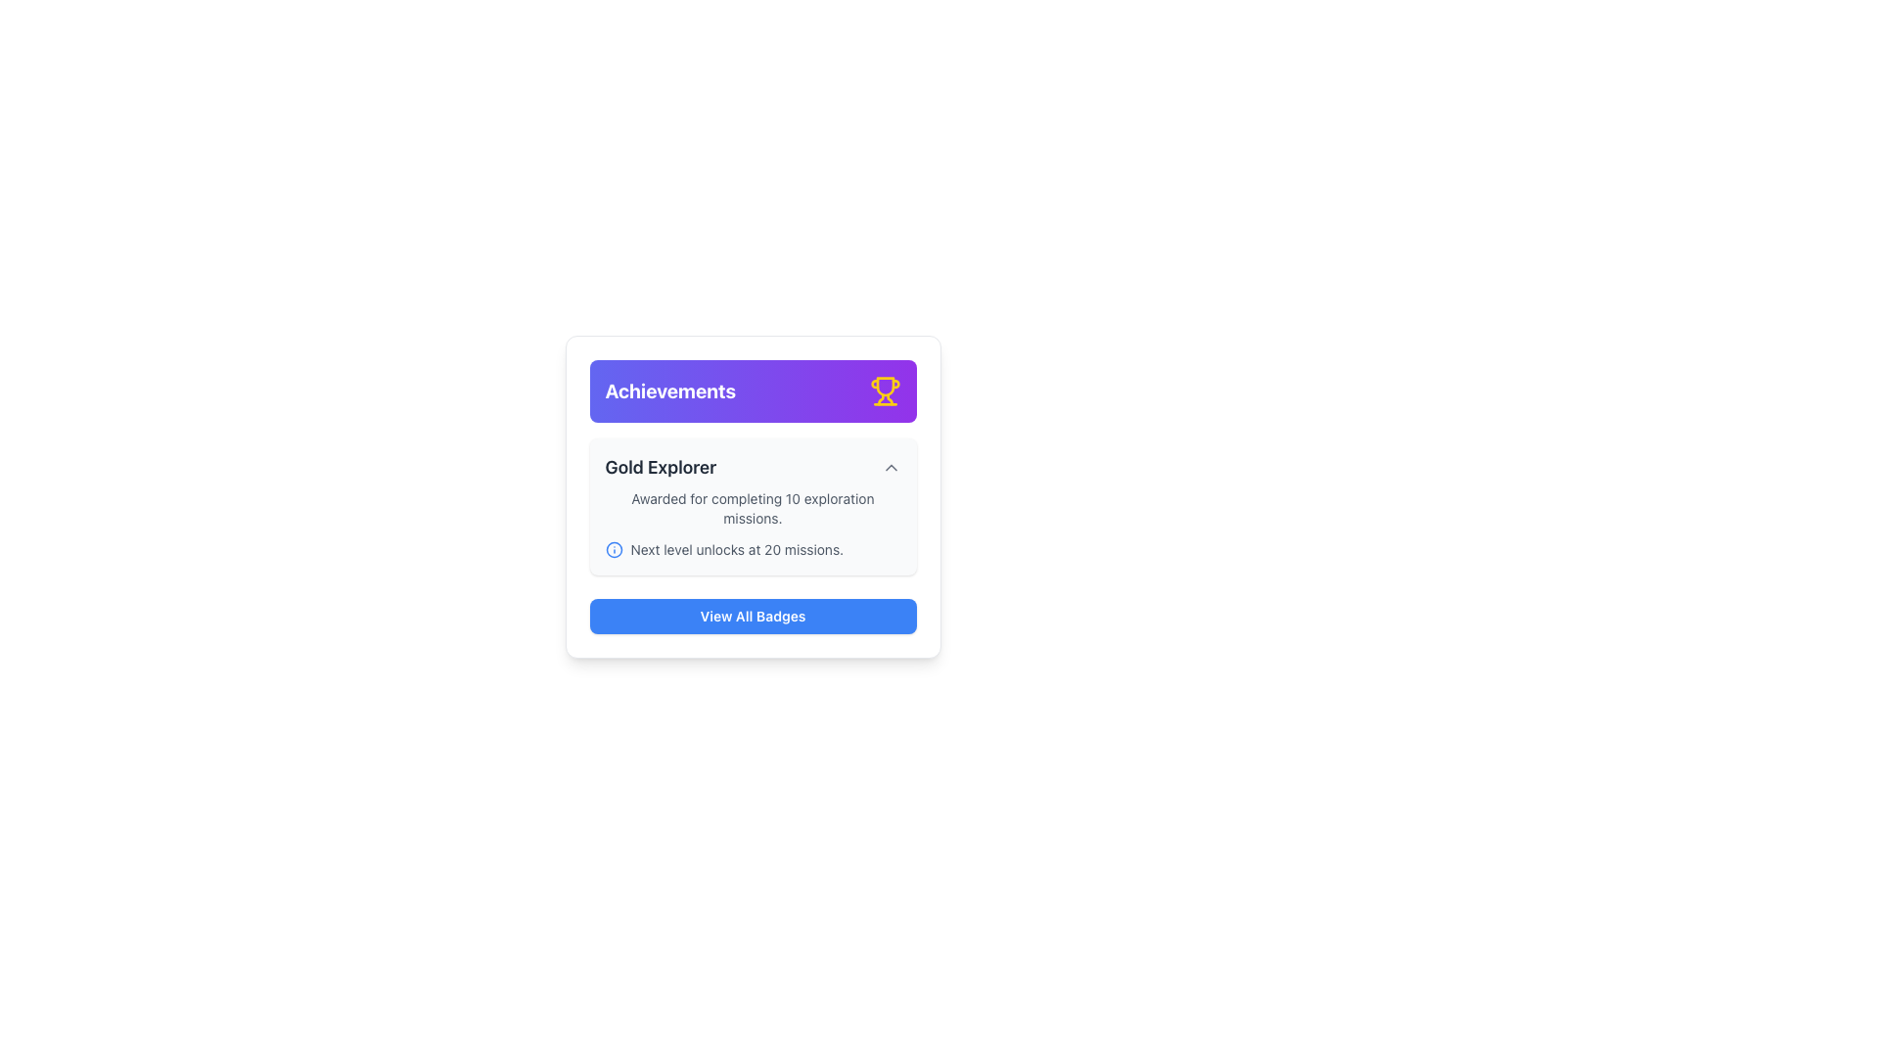 This screenshot has height=1057, width=1879. What do you see at coordinates (889, 398) in the screenshot?
I see `the right handle detailing of the trophy shape, which is styled with a yellow class ('text-yellow-400') within the SVG graphic in the Achievements section` at bounding box center [889, 398].